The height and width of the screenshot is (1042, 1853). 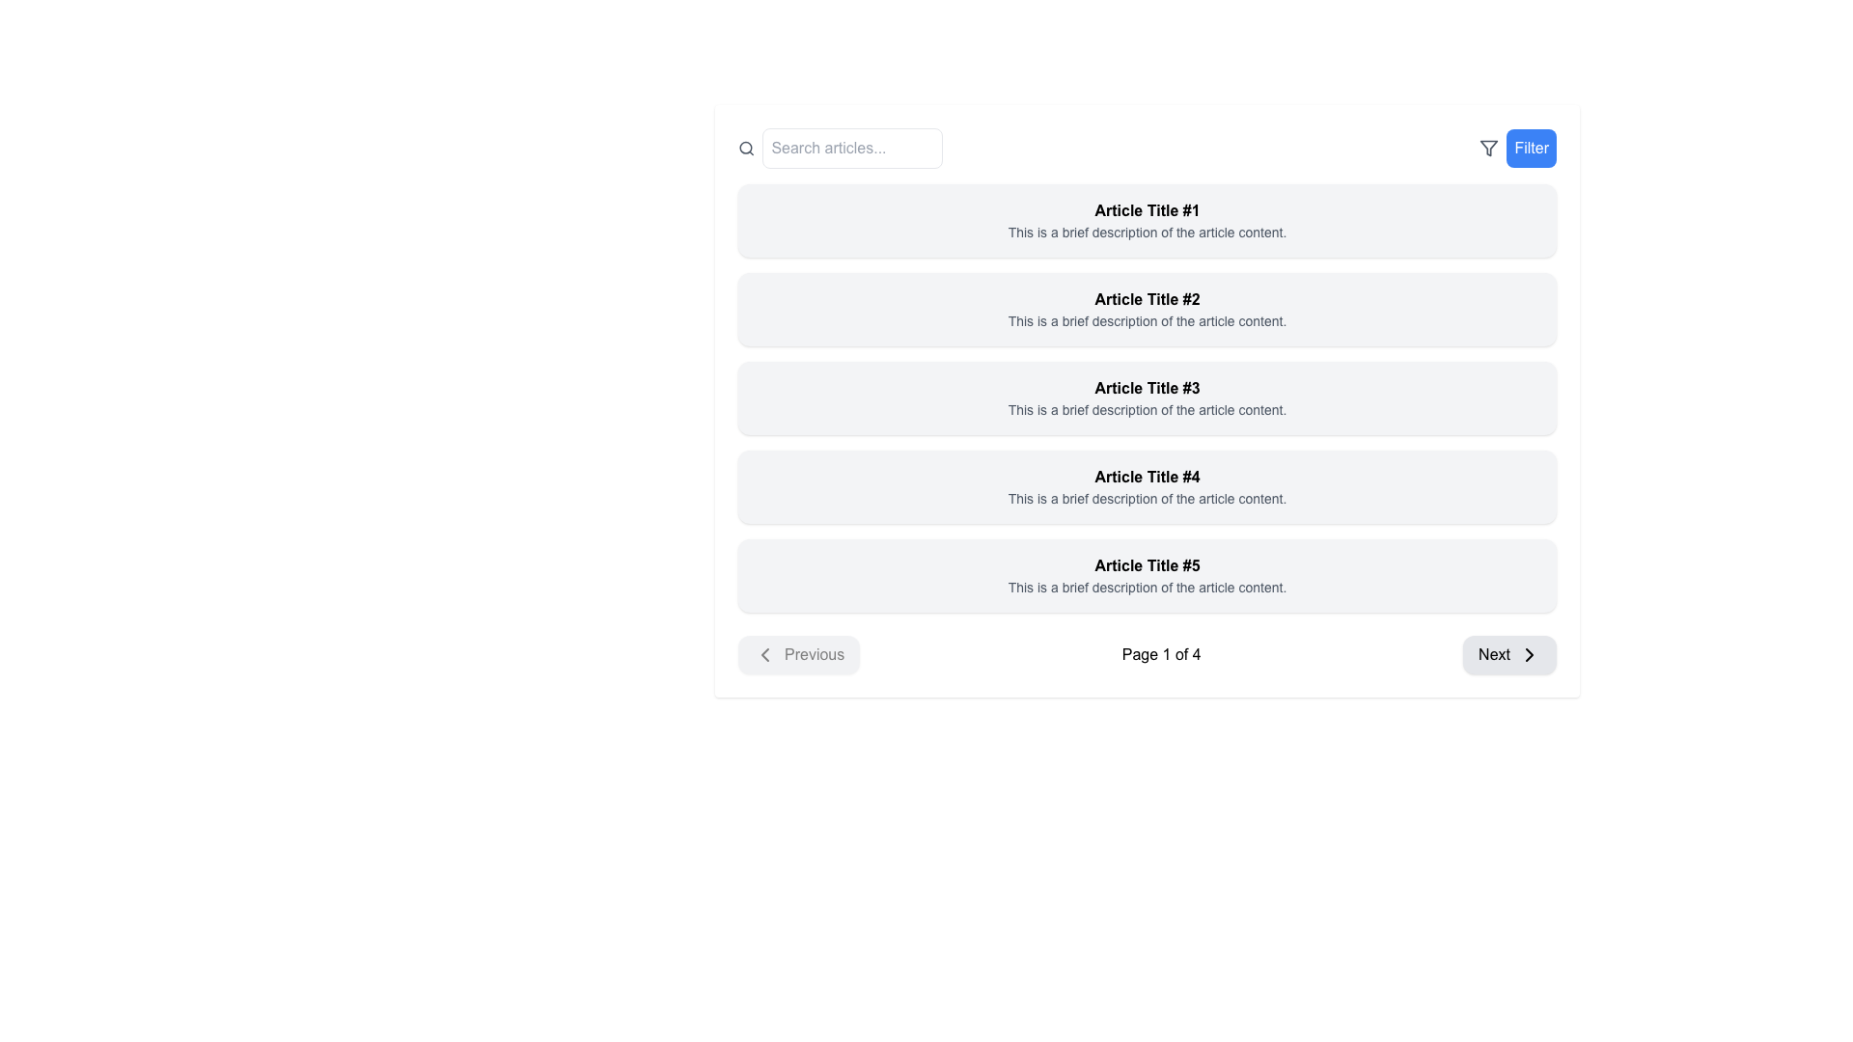 What do you see at coordinates (1148, 319) in the screenshot?
I see `text content of the descriptive snippet located in the second card, immediately below the bolded title 'Article Title #2'` at bounding box center [1148, 319].